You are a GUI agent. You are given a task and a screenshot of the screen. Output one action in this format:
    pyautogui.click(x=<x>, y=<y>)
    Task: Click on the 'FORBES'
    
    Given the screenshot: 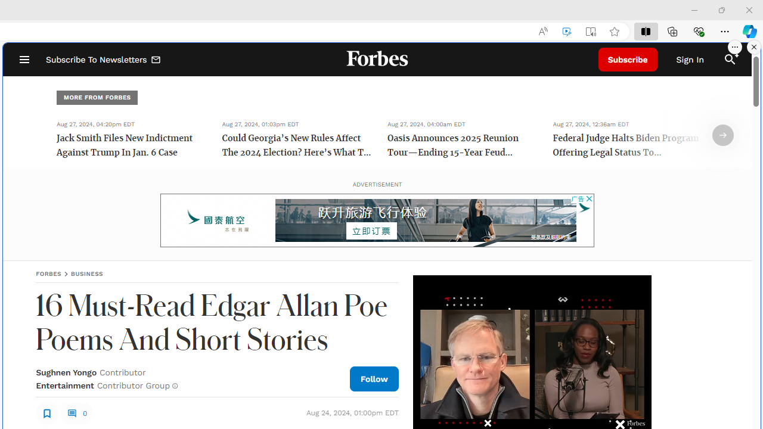 What is the action you would take?
    pyautogui.click(x=48, y=273)
    